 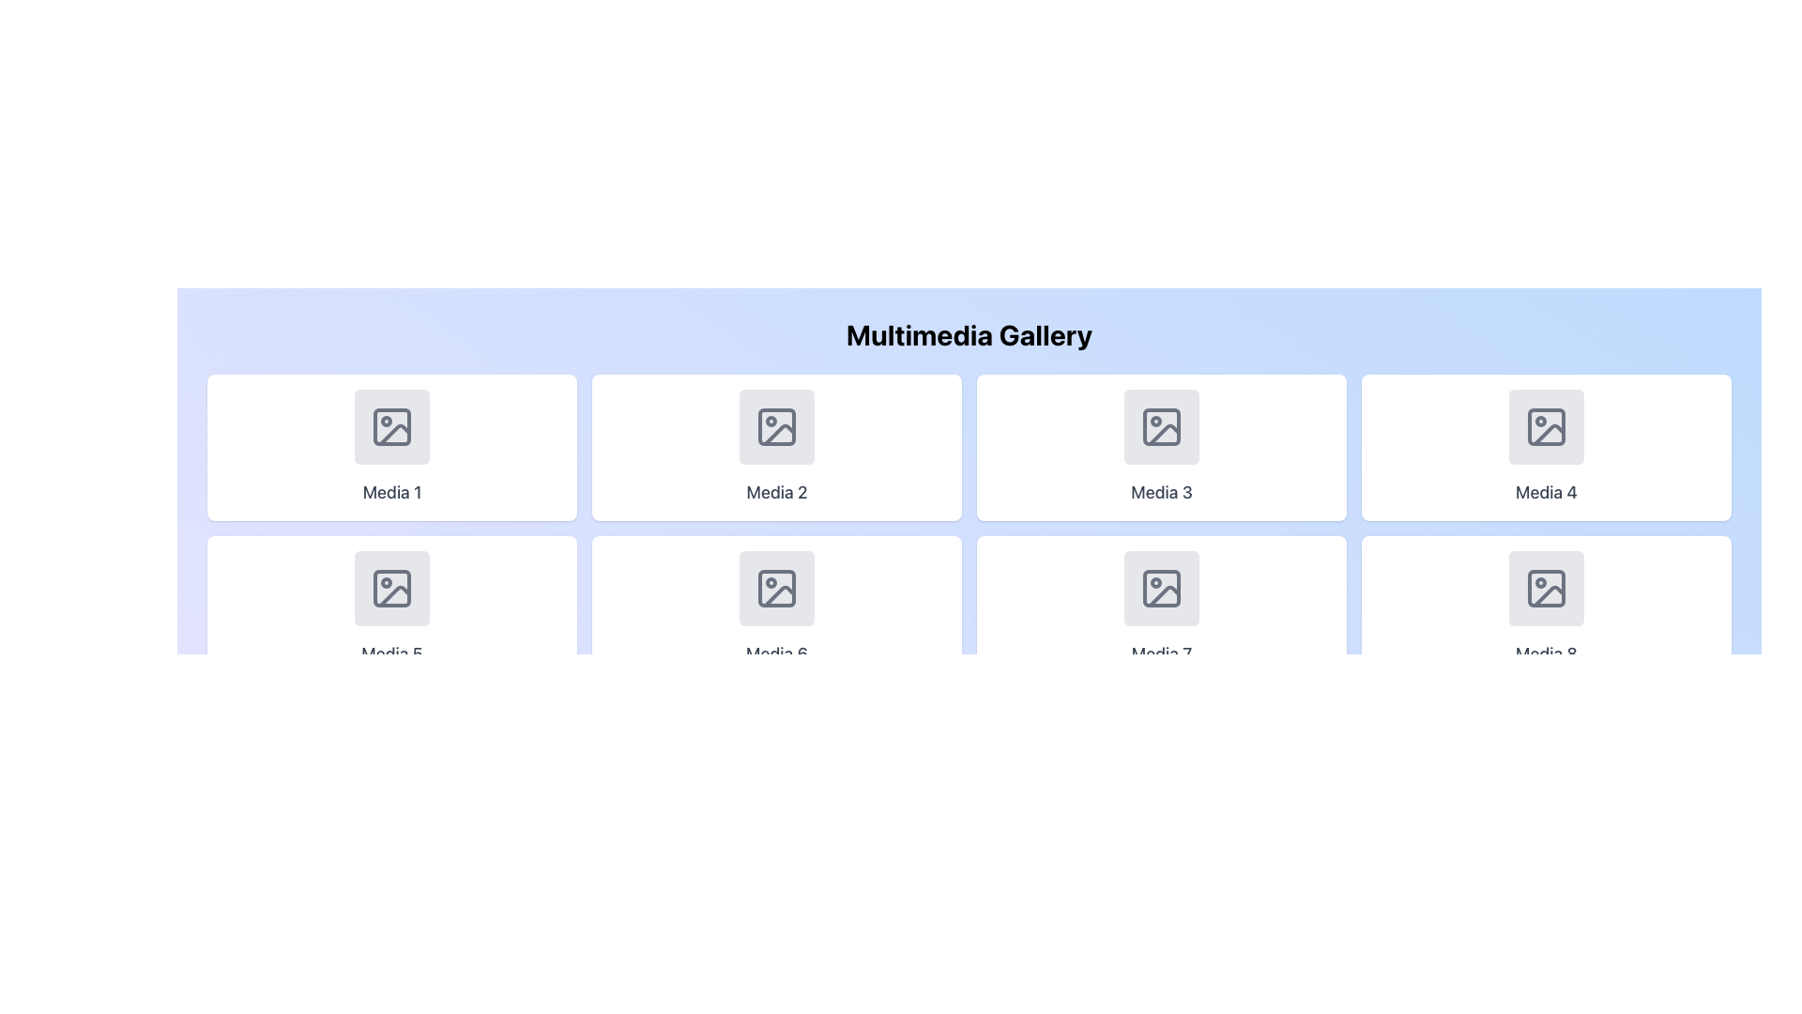 What do you see at coordinates (777, 653) in the screenshot?
I see `text label located at the bottom of the rectangular card in the second row and third column of the grid layout, centered horizontally and positioned below the image icon` at bounding box center [777, 653].